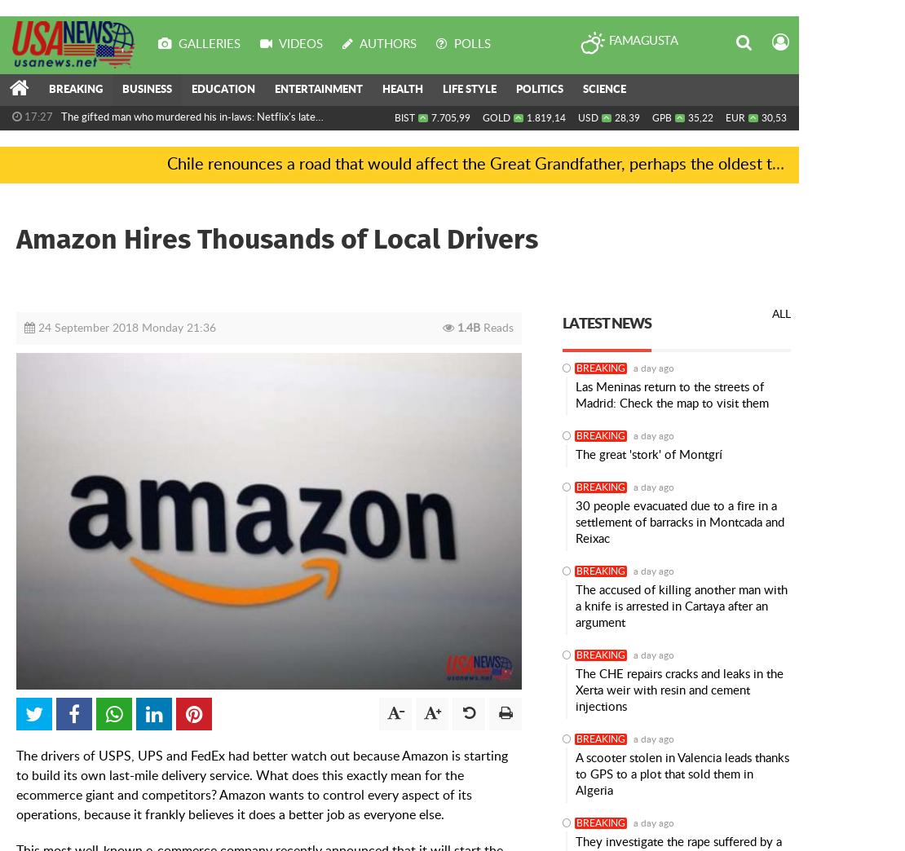  Describe the element at coordinates (626, 117) in the screenshot. I see `'28,39'` at that location.